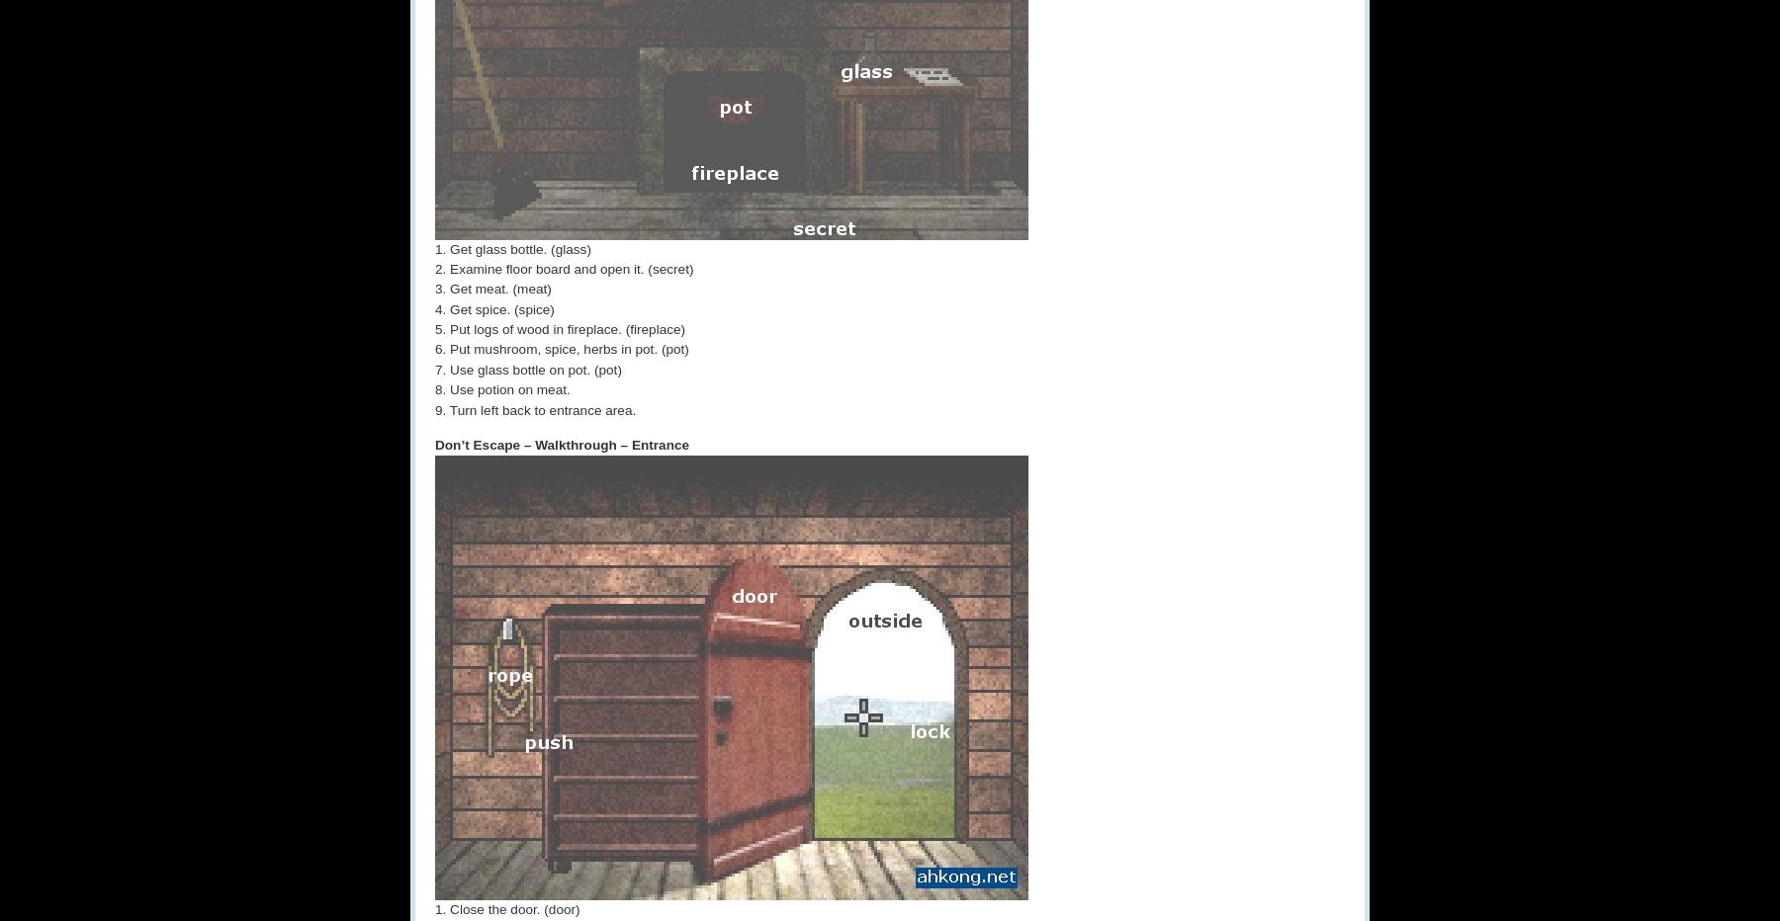 The width and height of the screenshot is (1780, 921). I want to click on 'Don’t Escape – Walkthrough – Entrance', so click(562, 445).